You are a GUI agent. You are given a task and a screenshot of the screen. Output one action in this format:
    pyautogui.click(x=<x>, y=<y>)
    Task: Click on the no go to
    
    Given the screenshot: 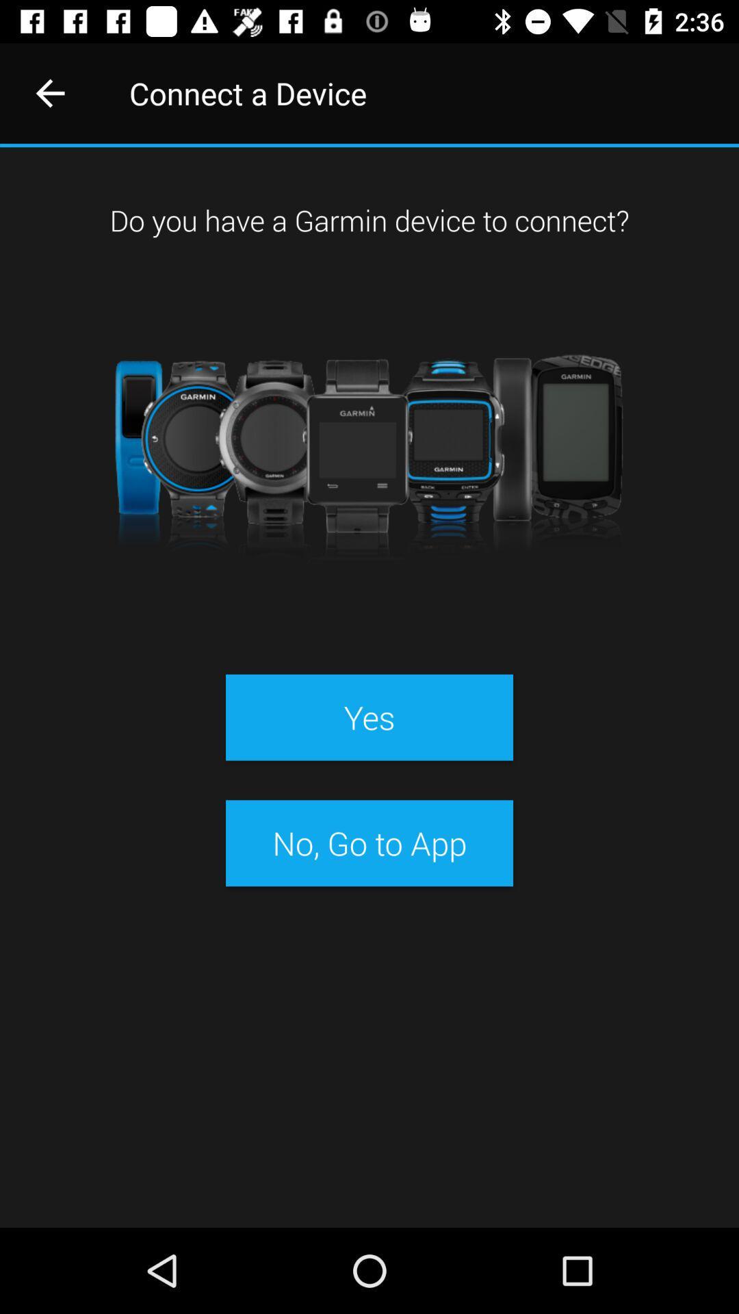 What is the action you would take?
    pyautogui.click(x=369, y=842)
    